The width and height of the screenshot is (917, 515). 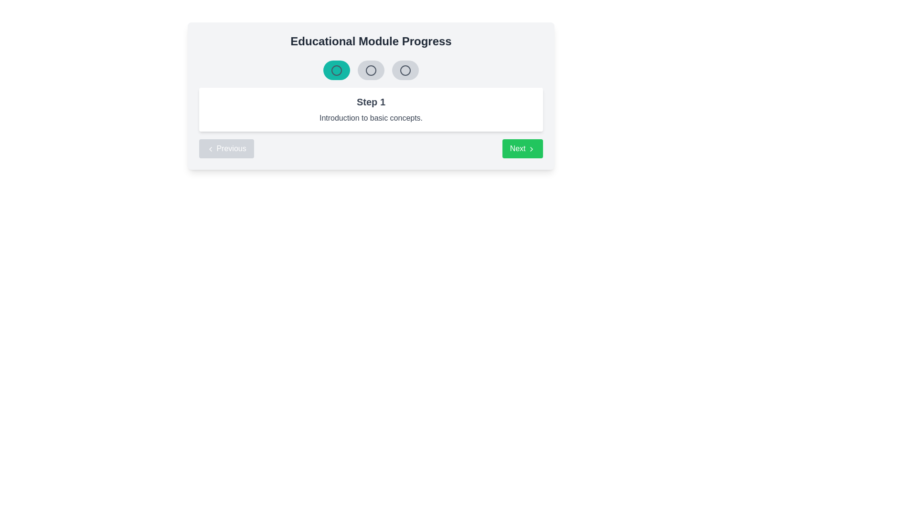 I want to click on the Right-facing chevron icon inside the 'Next' button for visual guidance on forward navigation, so click(x=531, y=149).